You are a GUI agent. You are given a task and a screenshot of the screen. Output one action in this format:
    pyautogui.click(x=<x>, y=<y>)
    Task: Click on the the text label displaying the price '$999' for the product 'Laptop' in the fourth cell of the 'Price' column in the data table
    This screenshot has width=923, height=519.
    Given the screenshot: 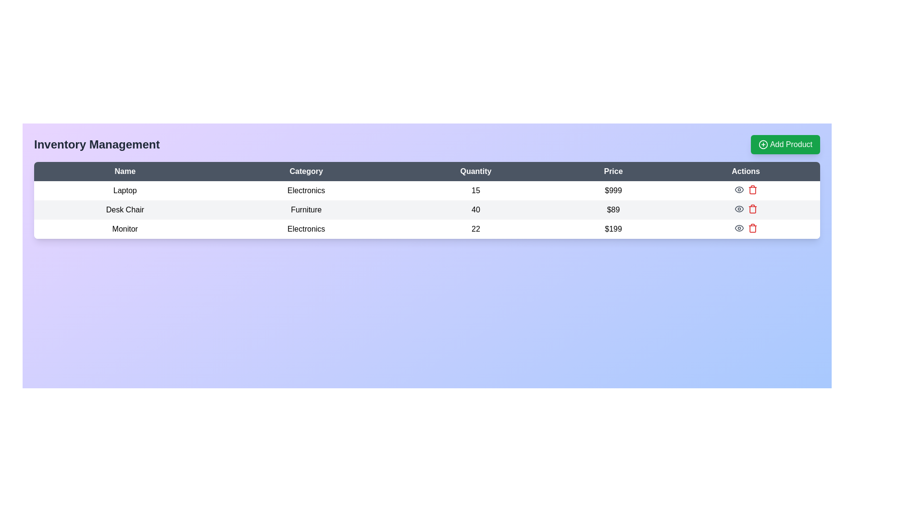 What is the action you would take?
    pyautogui.click(x=613, y=191)
    